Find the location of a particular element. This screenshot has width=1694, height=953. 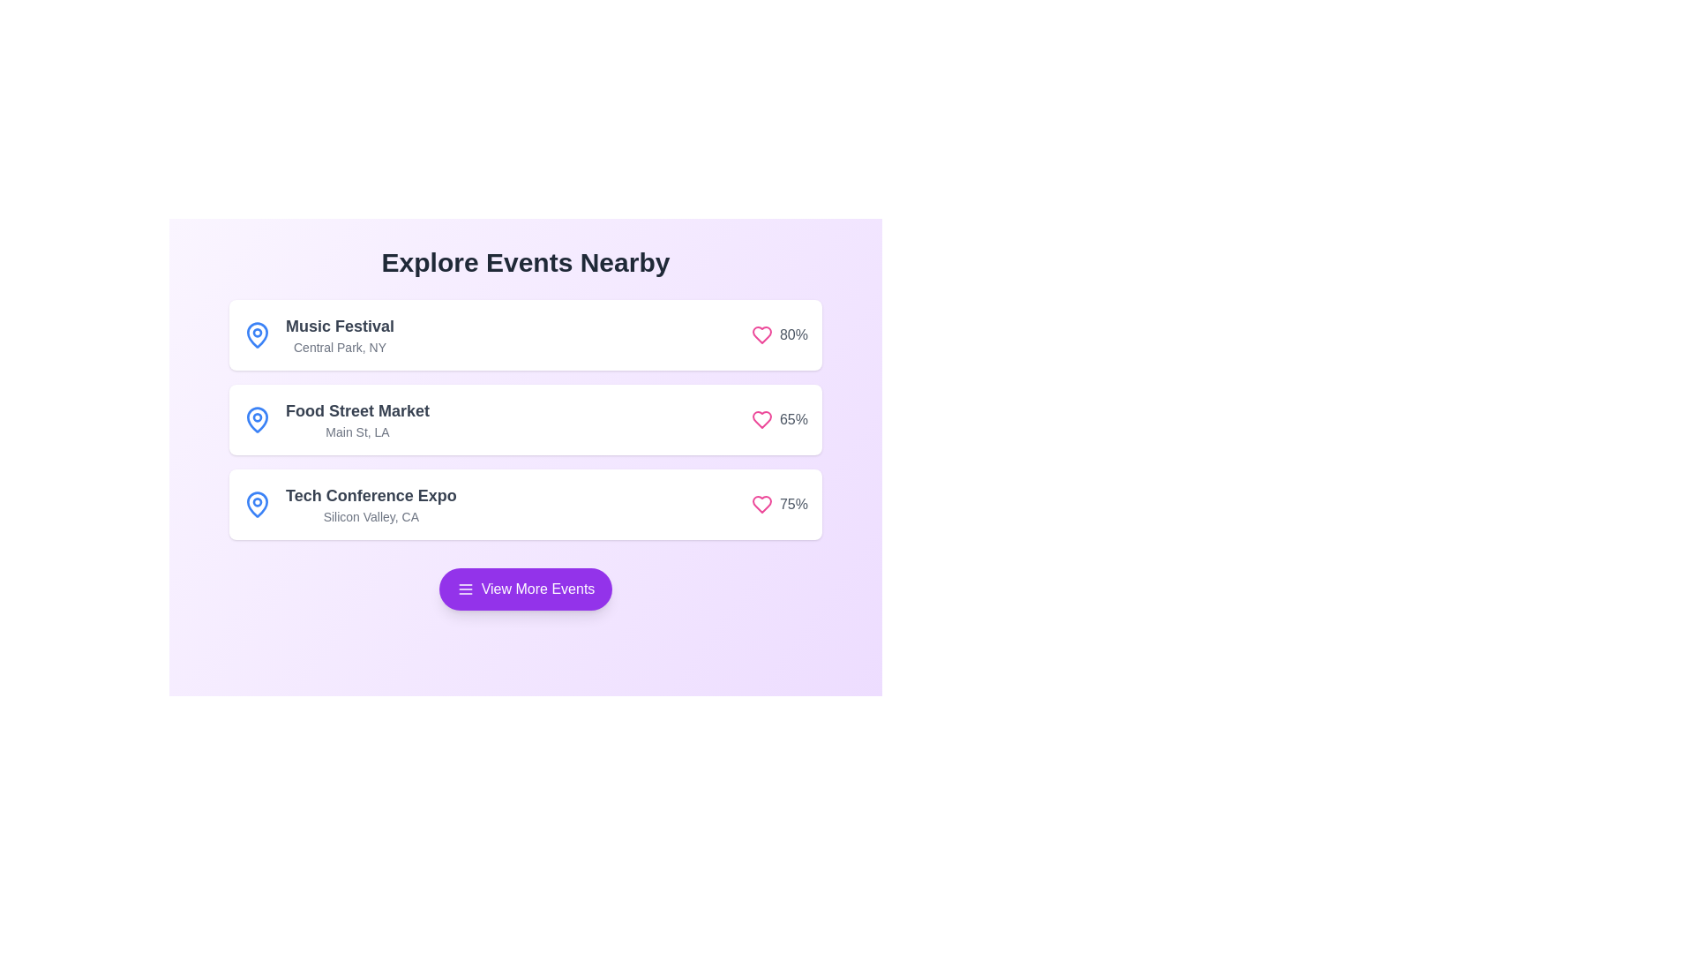

text displayed in the 'Music Festival' text block, which includes the title and subtitle located on the right side of the blue map pin icon in the first row of the event list is located at coordinates (340, 335).